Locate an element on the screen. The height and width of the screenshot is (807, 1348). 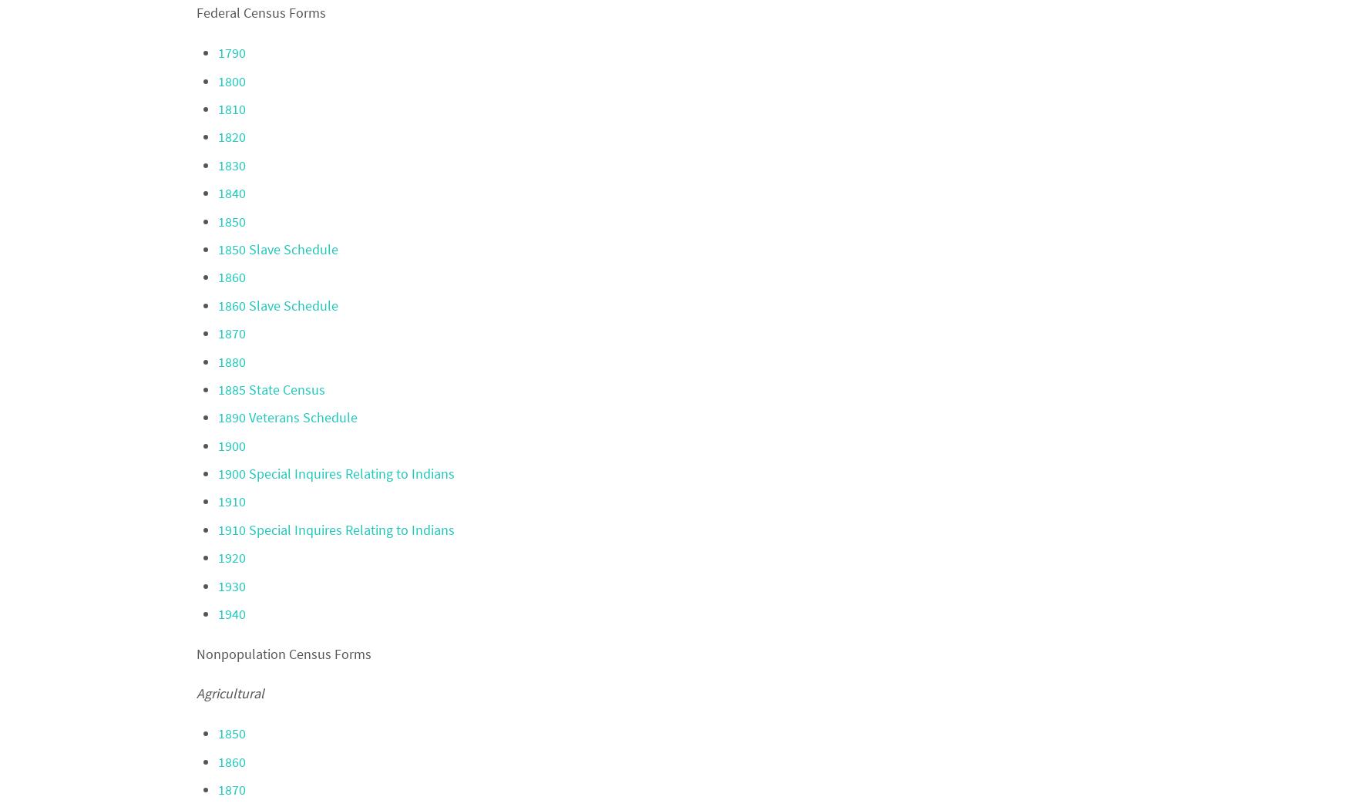
'1840' is located at coordinates (231, 193).